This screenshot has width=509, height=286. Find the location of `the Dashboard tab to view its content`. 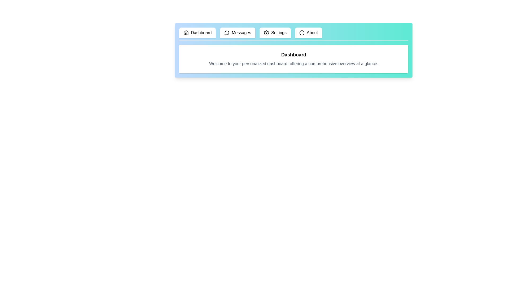

the Dashboard tab to view its content is located at coordinates (197, 33).